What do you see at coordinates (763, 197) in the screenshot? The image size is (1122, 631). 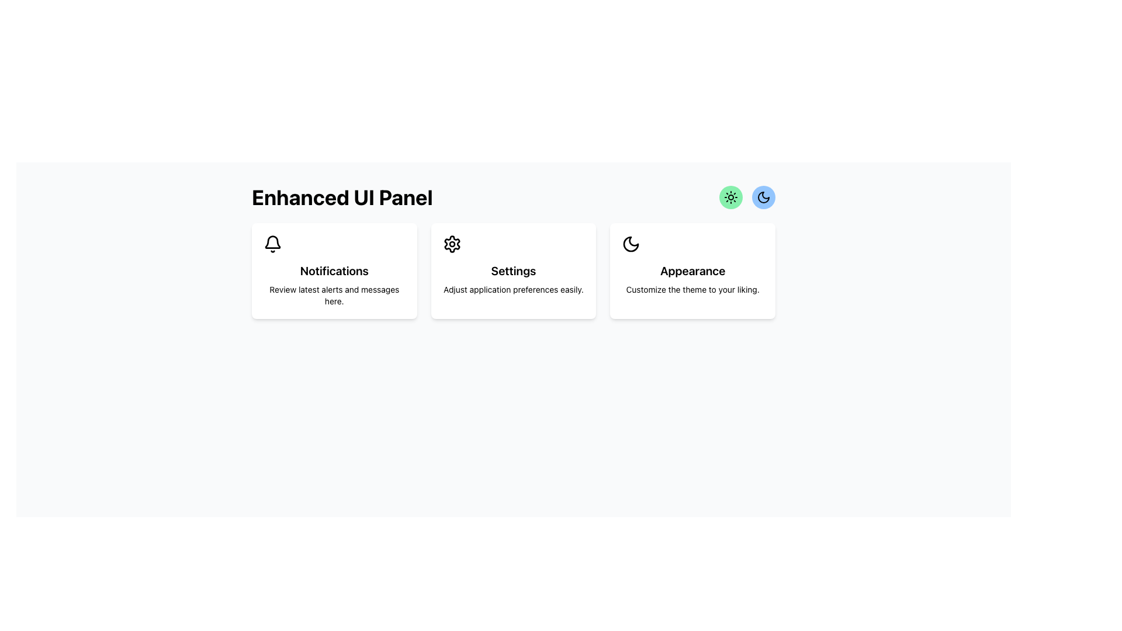 I see `the circular button with a light blue background and a black moon icon` at bounding box center [763, 197].